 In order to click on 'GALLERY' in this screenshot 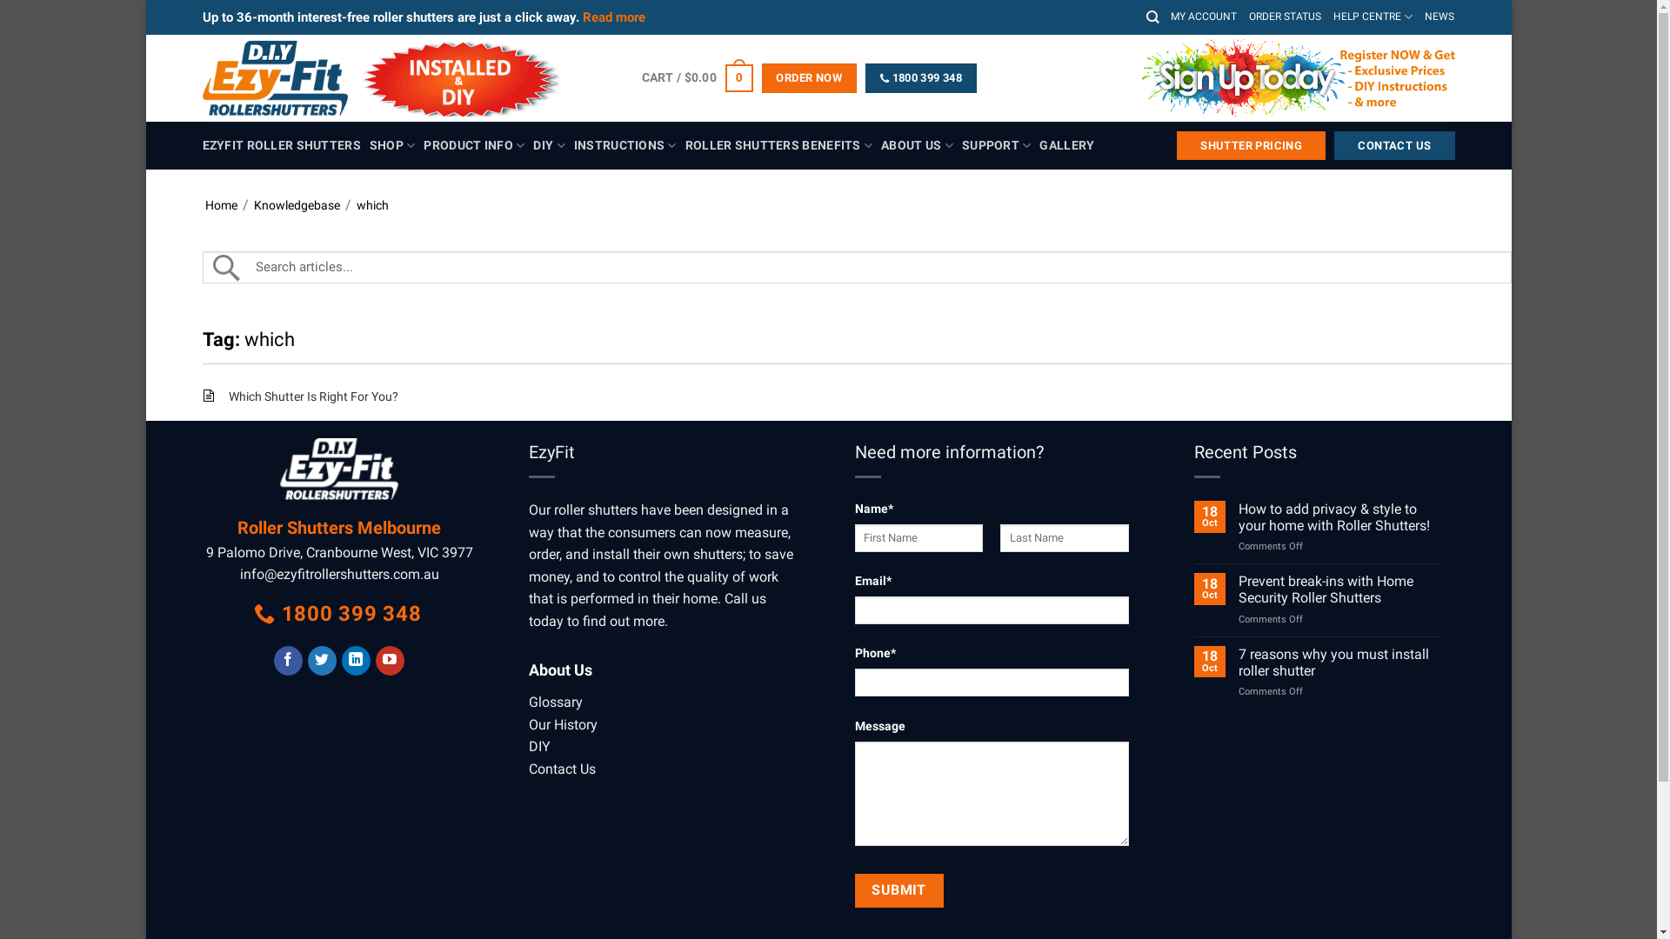, I will do `click(1065, 145)`.